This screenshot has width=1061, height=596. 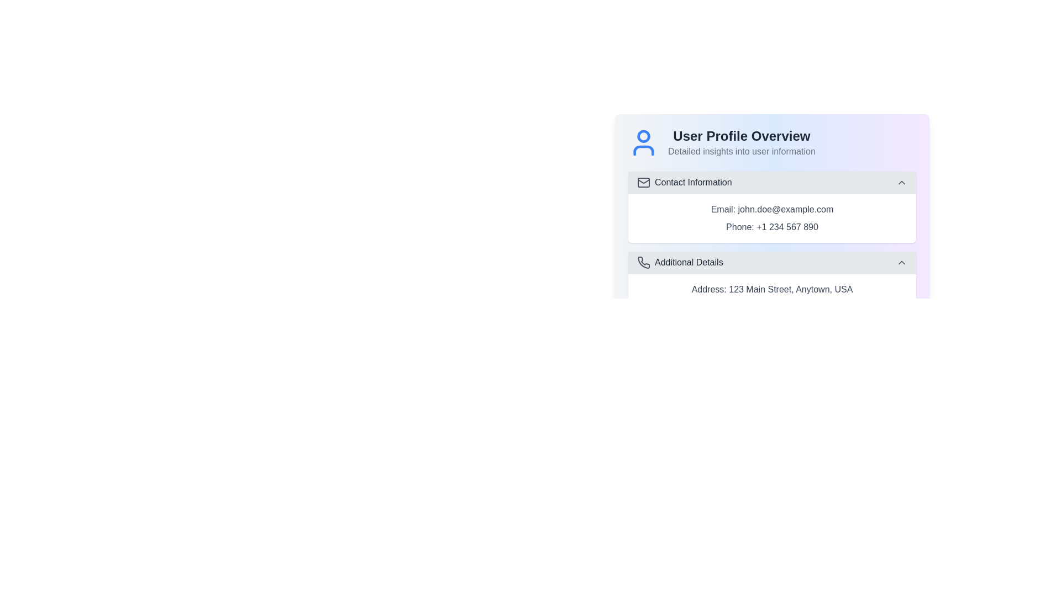 I want to click on the Text Header that serves as the title for the user profile section, positioned above the subtitle 'Detailed insights into user information', so click(x=742, y=135).